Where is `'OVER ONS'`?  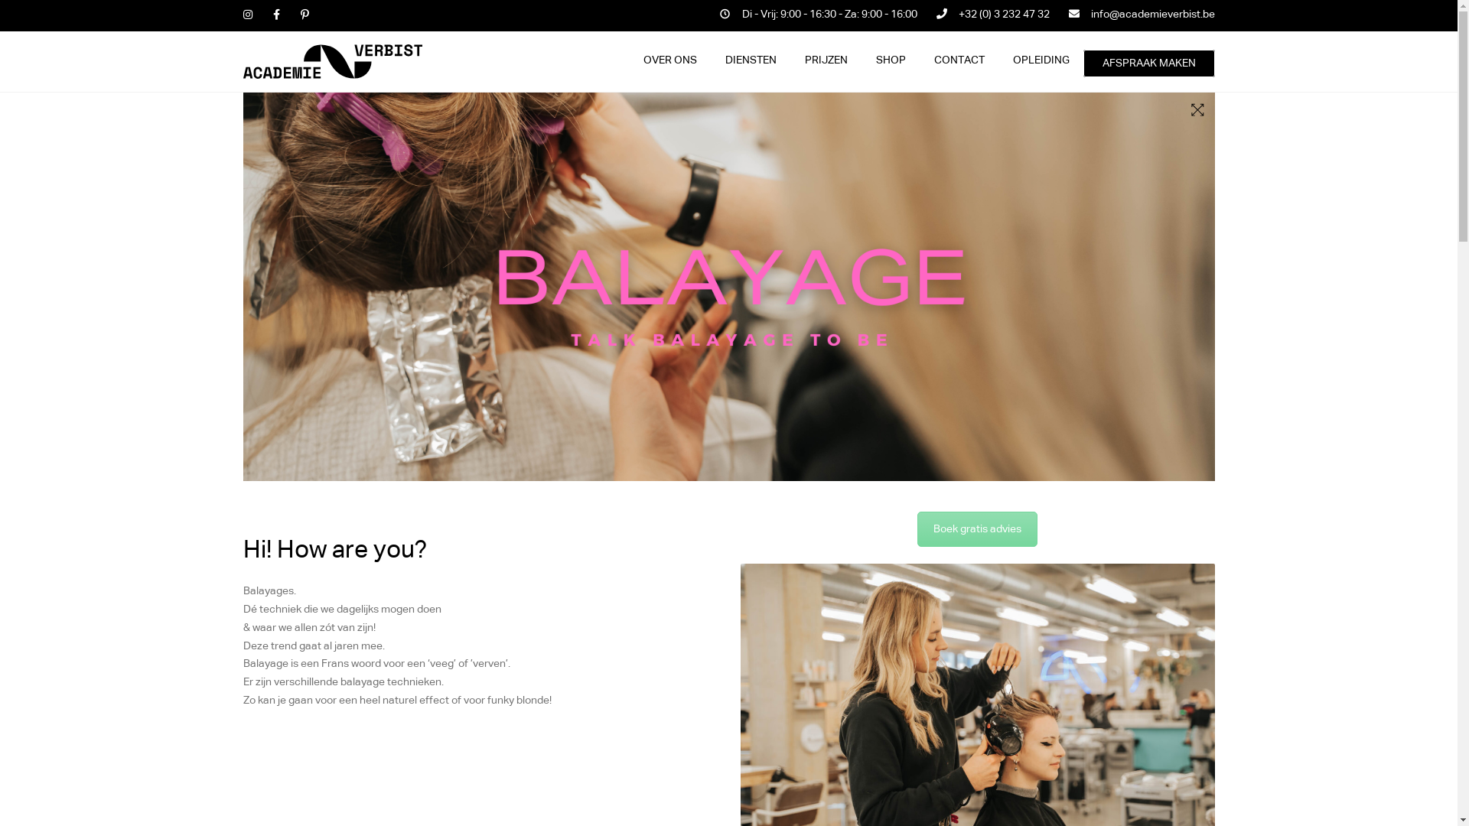 'OVER ONS' is located at coordinates (669, 60).